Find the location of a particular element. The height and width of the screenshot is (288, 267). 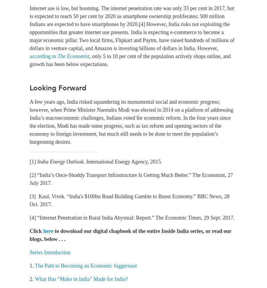

'[4] “Internet Penetration in Rural India Abysmal: Report.” The Economic Times, 29 Sept. 2017.' is located at coordinates (29, 218).